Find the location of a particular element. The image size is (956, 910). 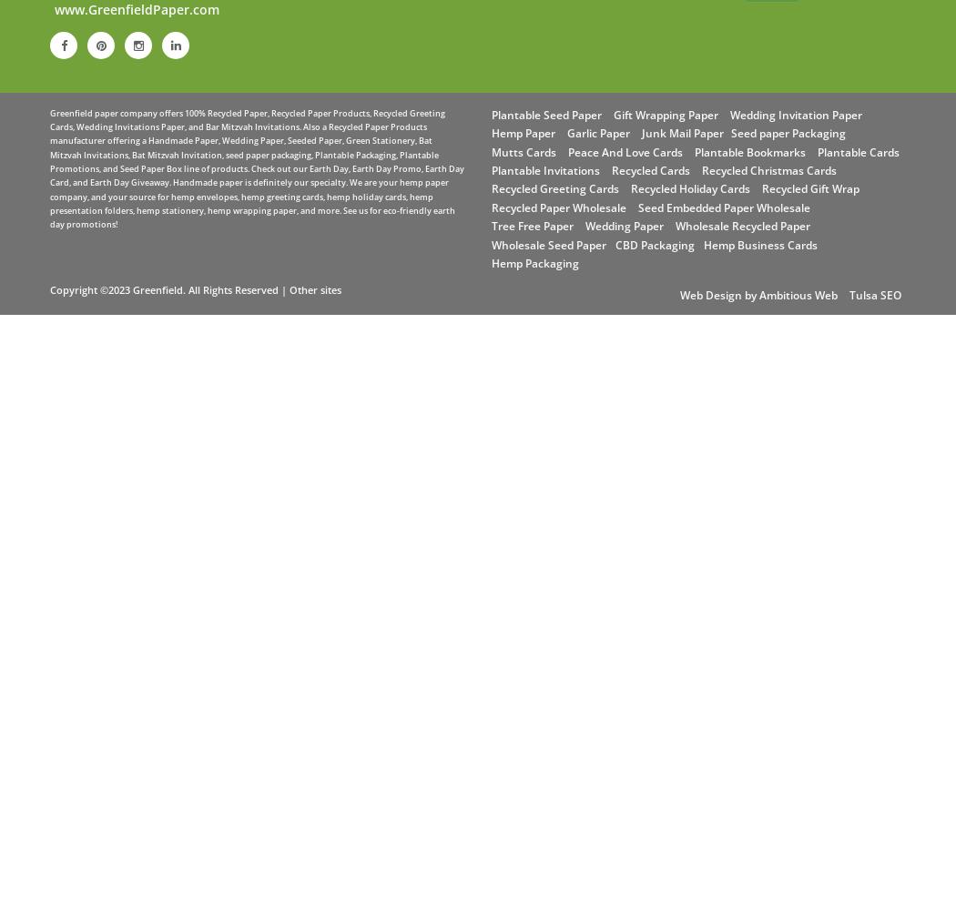

'Earth Day 
					Promo' is located at coordinates (386, 168).